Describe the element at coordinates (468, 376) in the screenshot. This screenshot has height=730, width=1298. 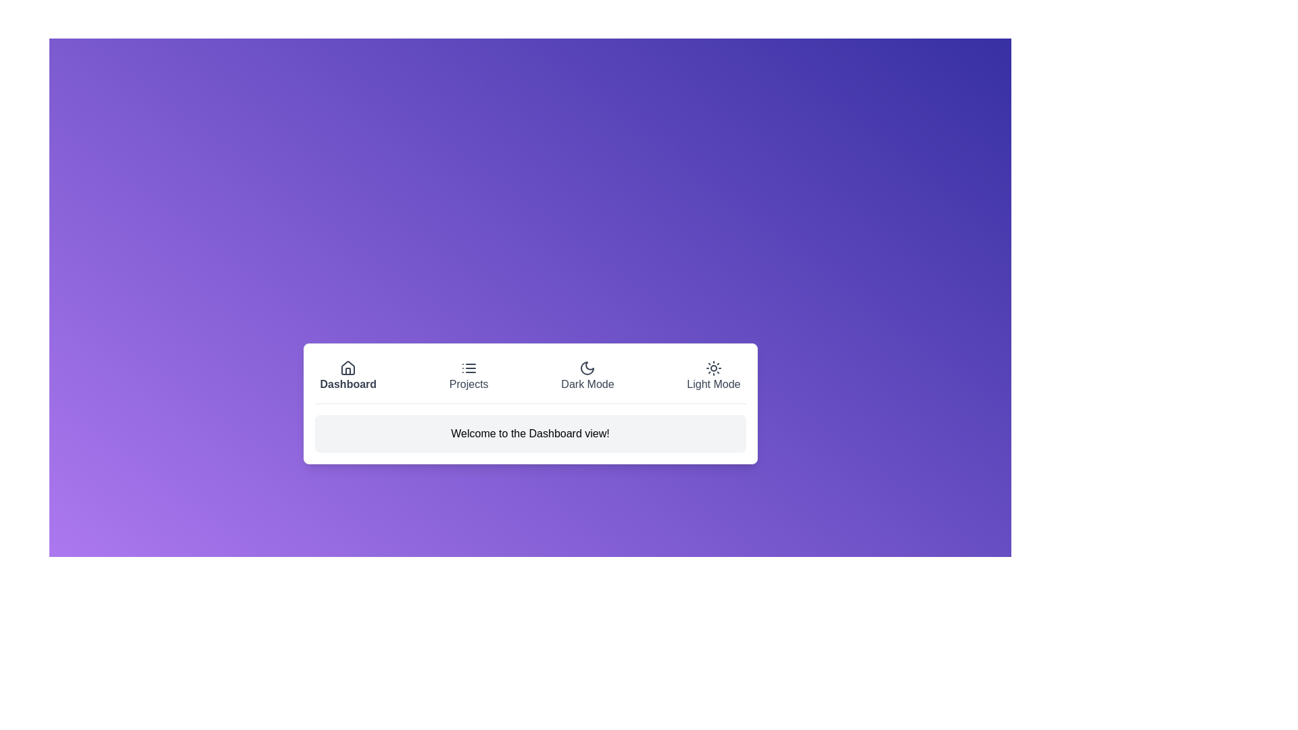
I see `the button labeled Projects` at that location.